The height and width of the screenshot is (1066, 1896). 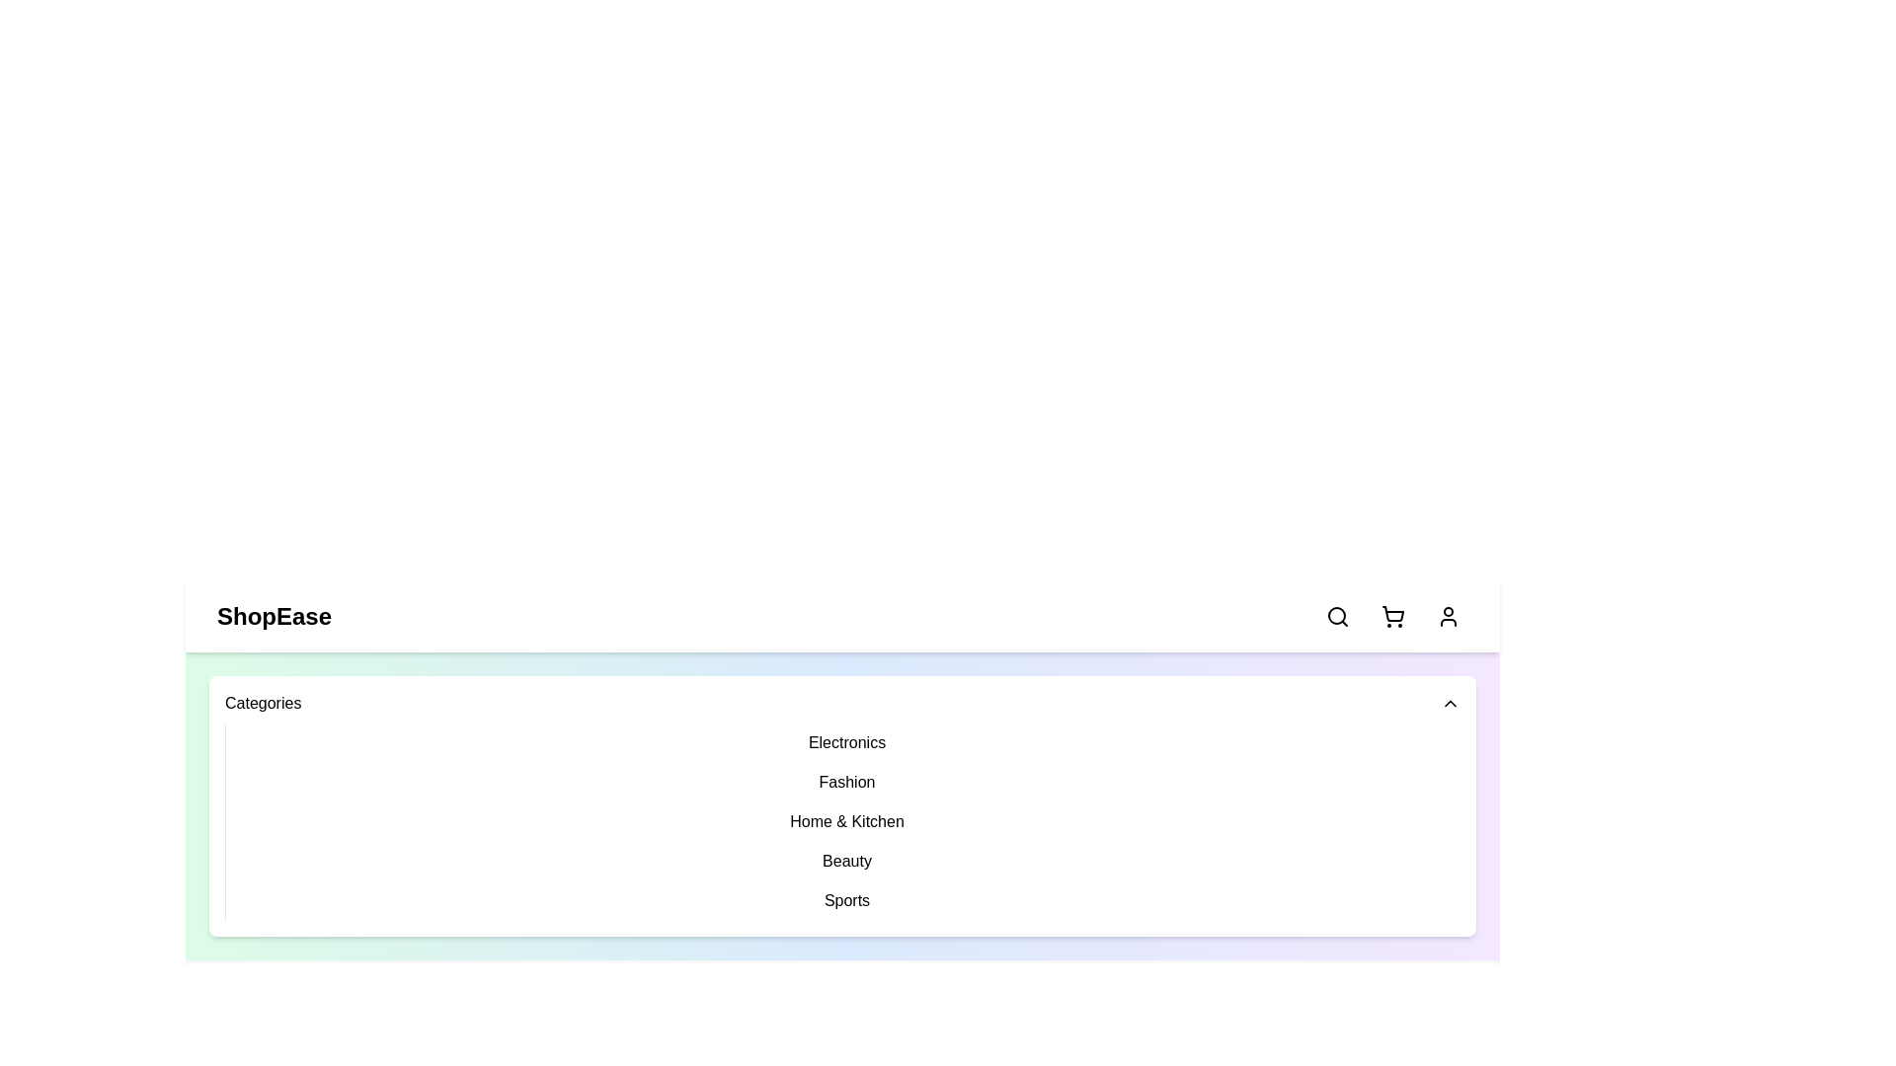 What do you see at coordinates (1450, 703) in the screenshot?
I see `the Chevron Icon located at the far right of the row that starts with the text 'Categories'` at bounding box center [1450, 703].